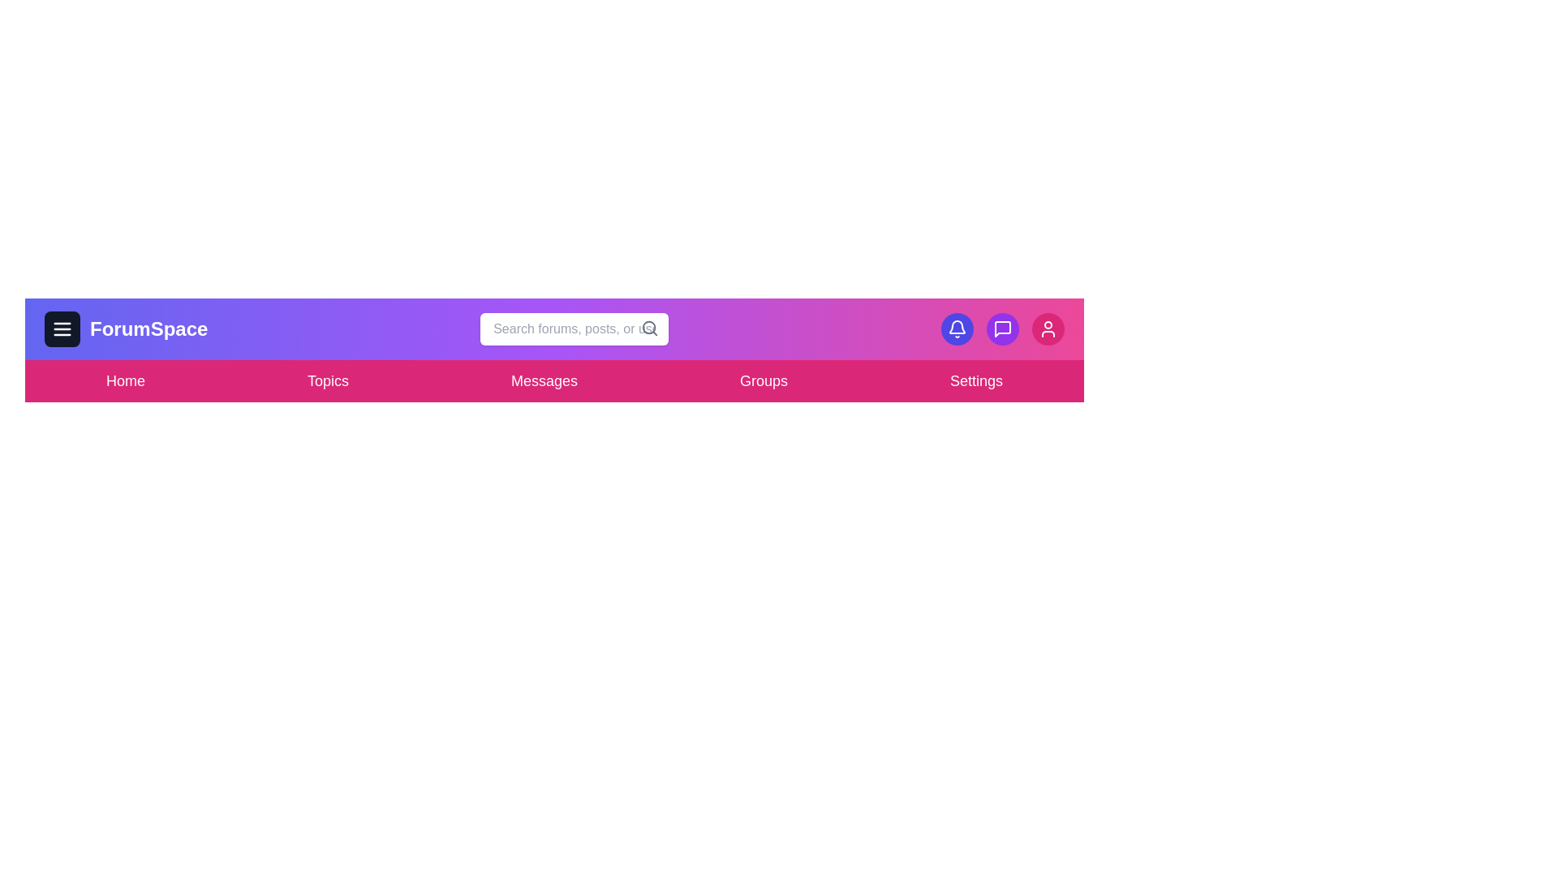 The image size is (1558, 876). Describe the element at coordinates (958, 328) in the screenshot. I see `the notification bell button to interact with notifications` at that location.